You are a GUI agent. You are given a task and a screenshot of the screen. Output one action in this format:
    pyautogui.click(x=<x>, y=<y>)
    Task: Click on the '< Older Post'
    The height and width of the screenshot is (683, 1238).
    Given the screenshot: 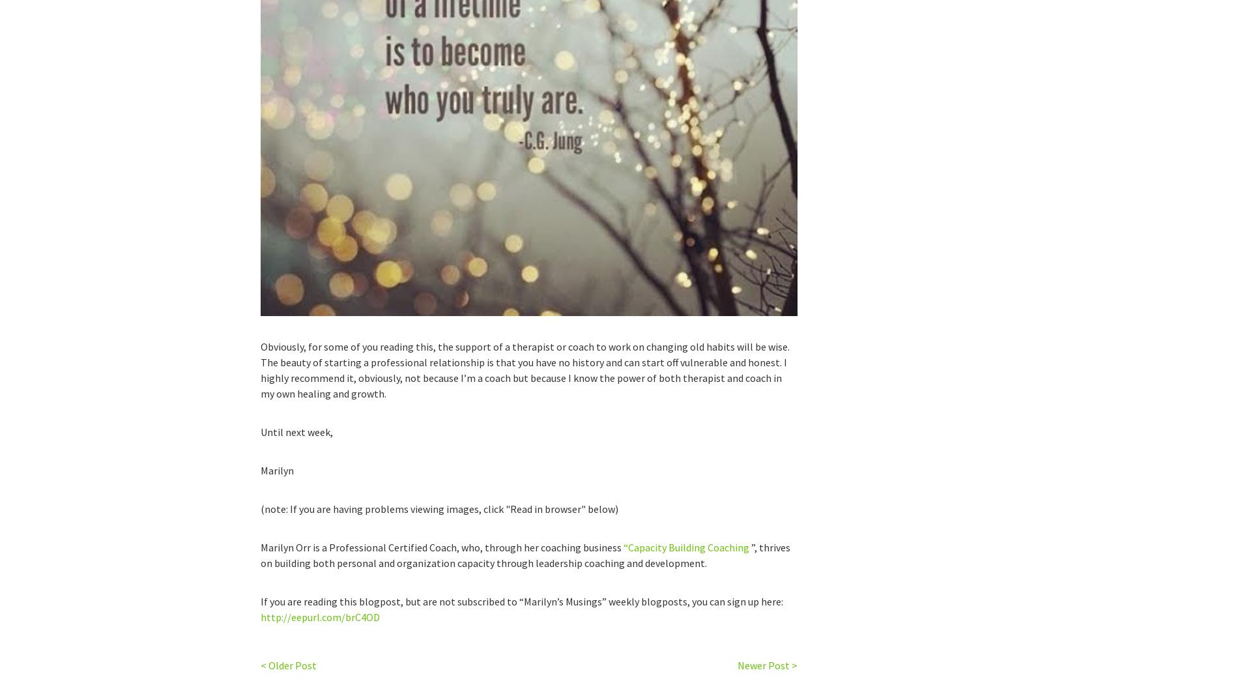 What is the action you would take?
    pyautogui.click(x=259, y=665)
    